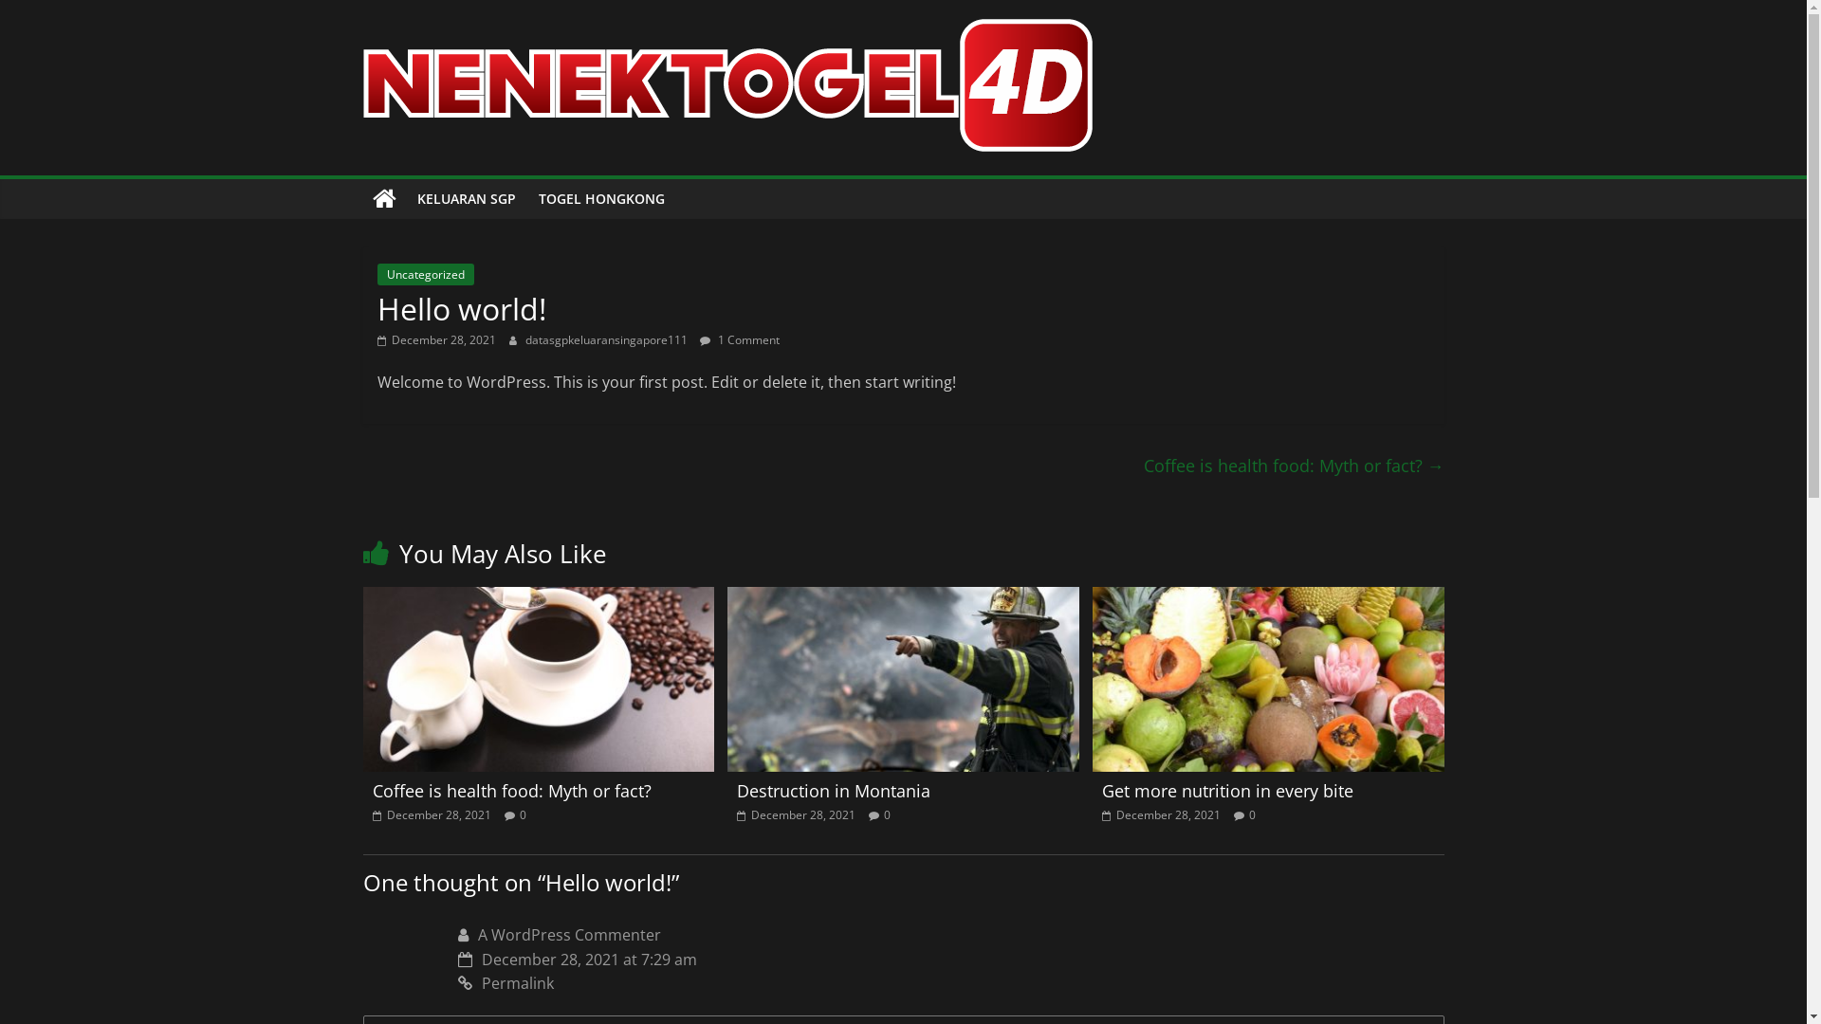 Image resolution: width=1821 pixels, height=1024 pixels. Describe the element at coordinates (833, 790) in the screenshot. I see `'Destruction in Montania'` at that location.